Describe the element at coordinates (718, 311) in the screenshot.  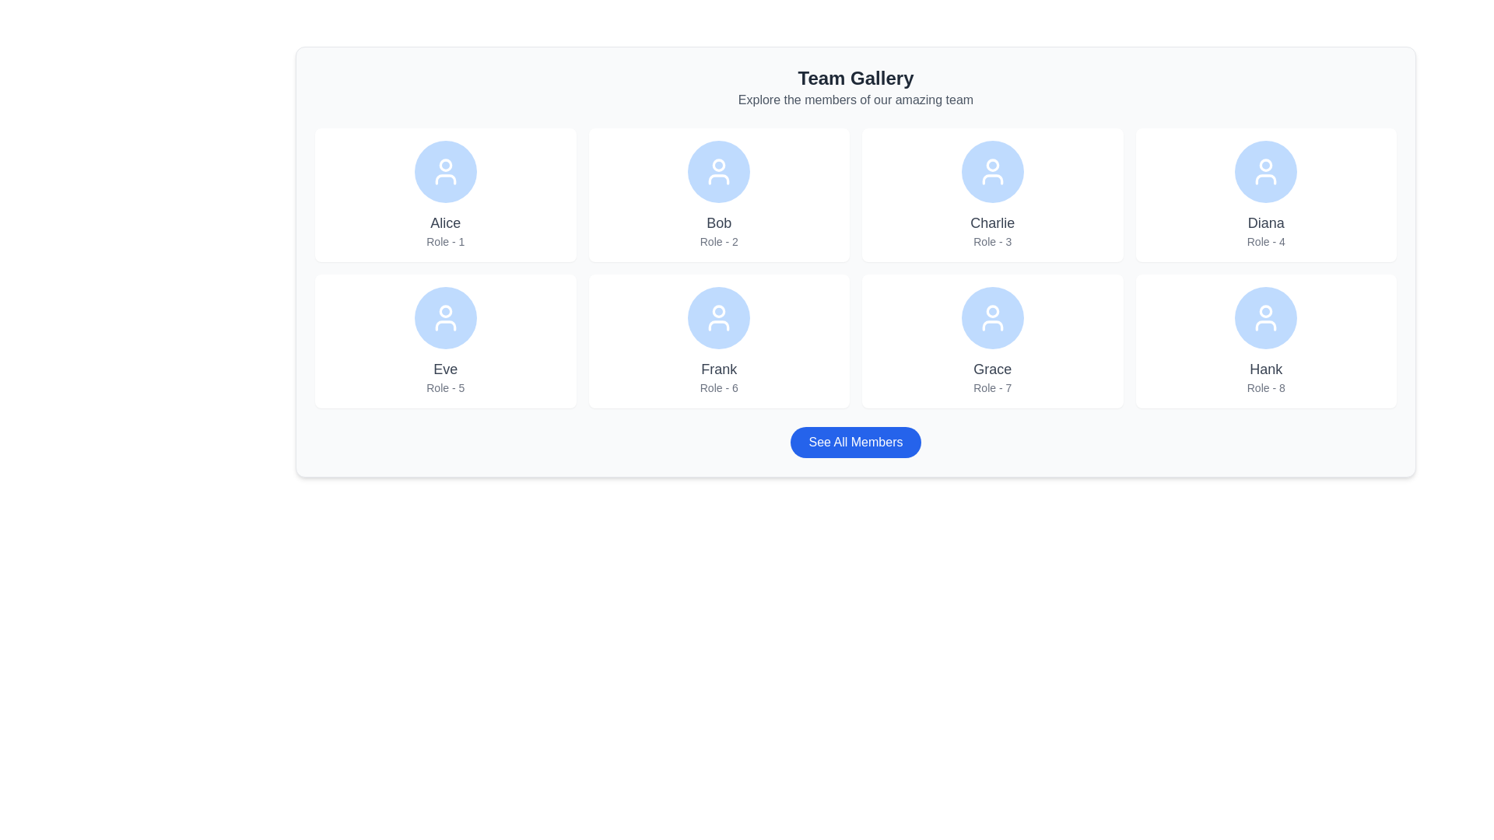
I see `the circular head element of the user profile icon located in the sixth card titled 'Frank Role - 6' within the grid layout` at that location.